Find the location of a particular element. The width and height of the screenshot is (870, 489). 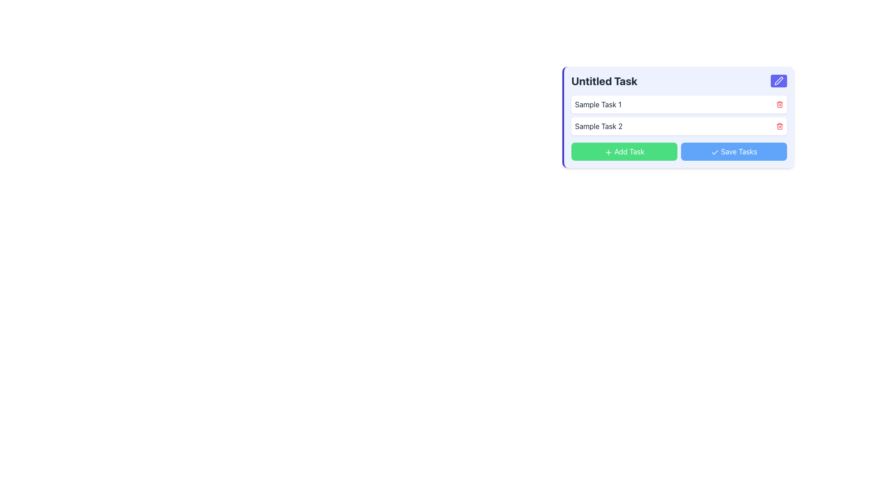

the edit icon, which is a pen-shaped symbol located in the top-right corner of the task panel is located at coordinates (778, 80).